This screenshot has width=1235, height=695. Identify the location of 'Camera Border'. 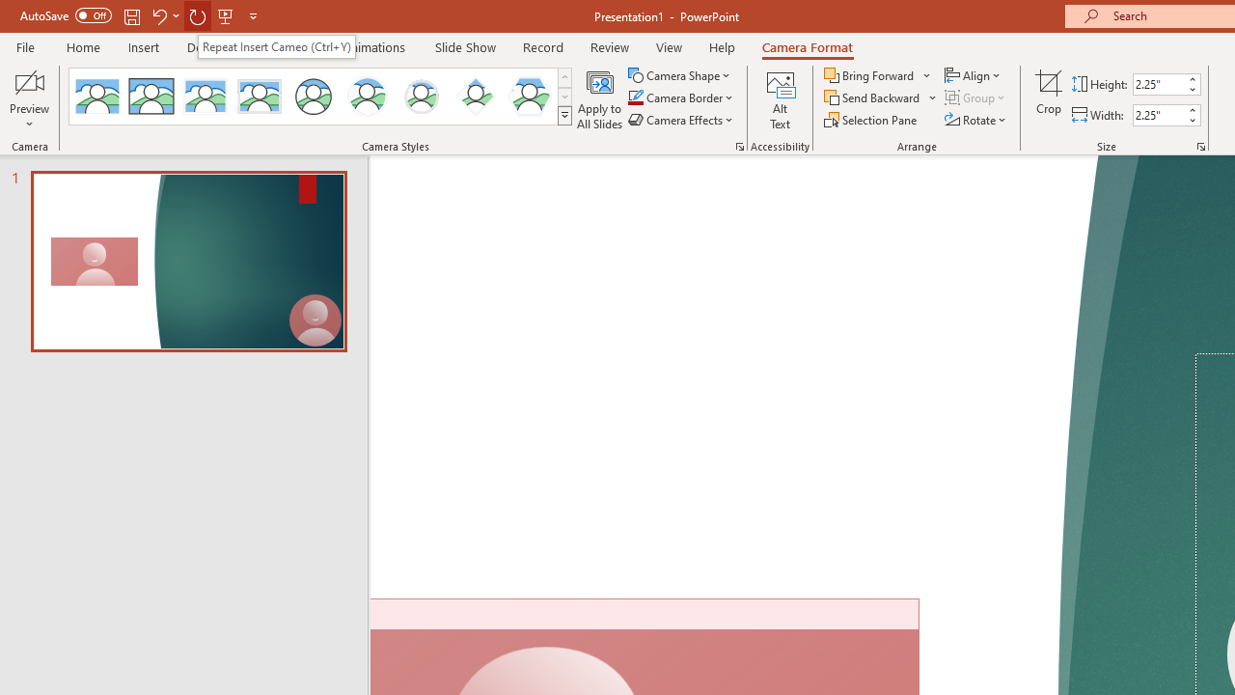
(681, 97).